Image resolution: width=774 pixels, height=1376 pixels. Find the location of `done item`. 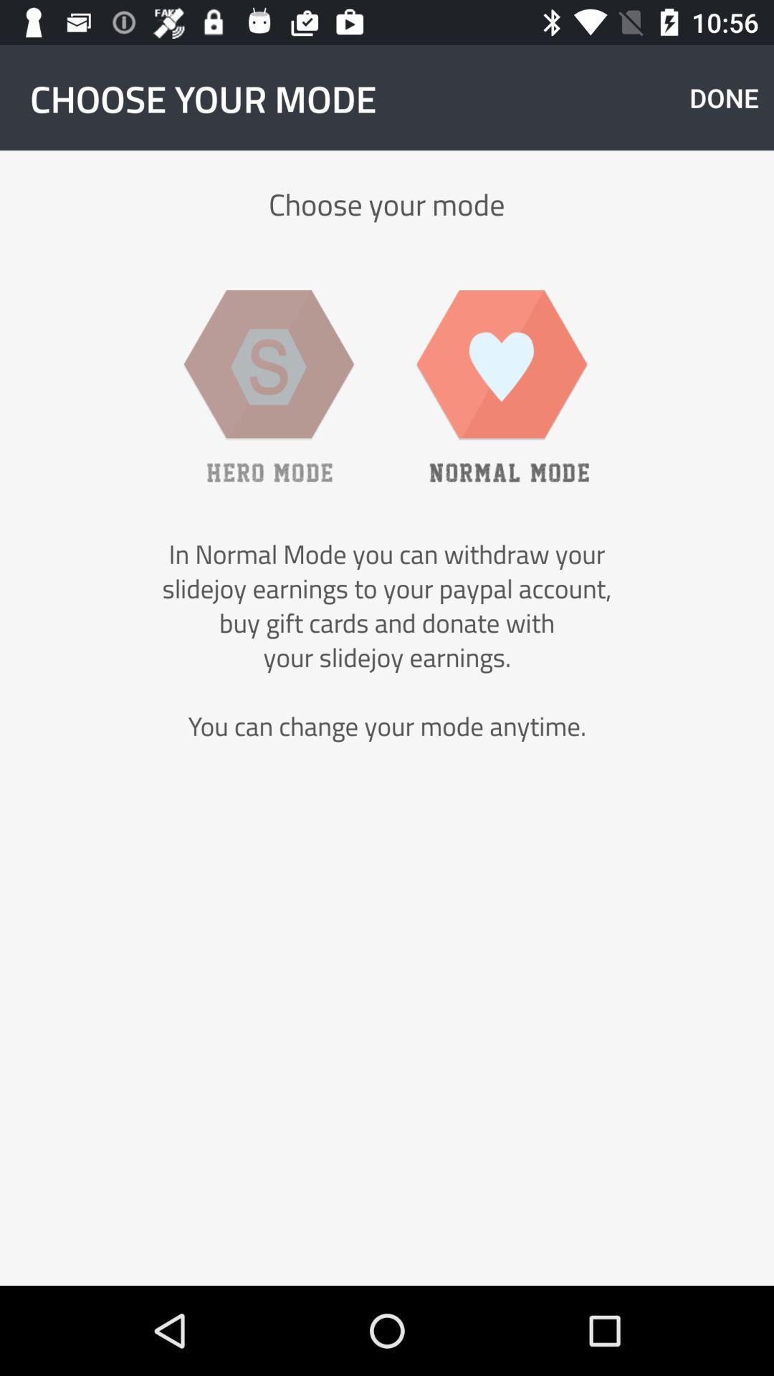

done item is located at coordinates (724, 97).